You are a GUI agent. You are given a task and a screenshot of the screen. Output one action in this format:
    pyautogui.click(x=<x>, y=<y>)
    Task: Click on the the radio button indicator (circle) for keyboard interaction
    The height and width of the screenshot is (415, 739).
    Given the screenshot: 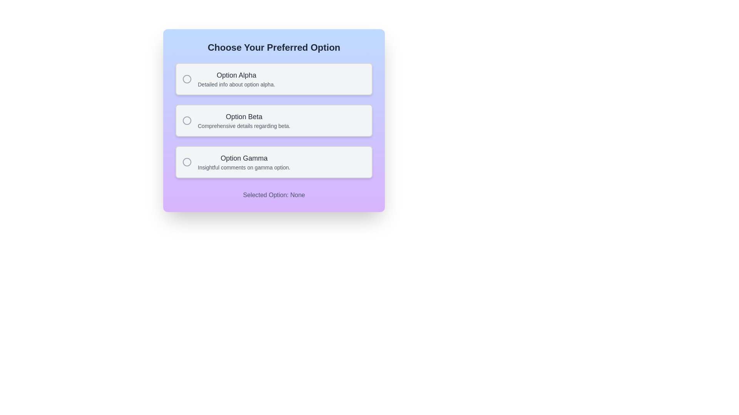 What is the action you would take?
    pyautogui.click(x=187, y=79)
    